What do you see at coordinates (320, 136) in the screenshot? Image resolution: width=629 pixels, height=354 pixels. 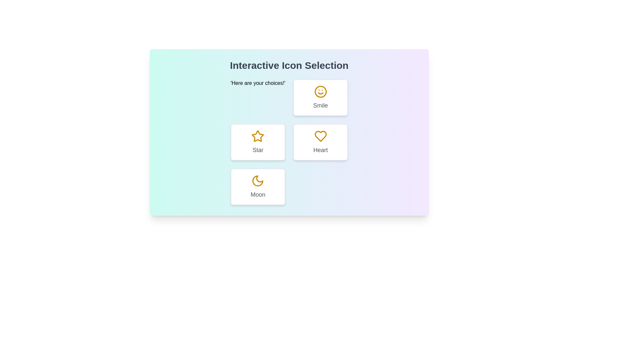 I see `the heart icon located in the second column of the second row of the grid layout, which emphasizes choices related to the 'Heart' category` at bounding box center [320, 136].